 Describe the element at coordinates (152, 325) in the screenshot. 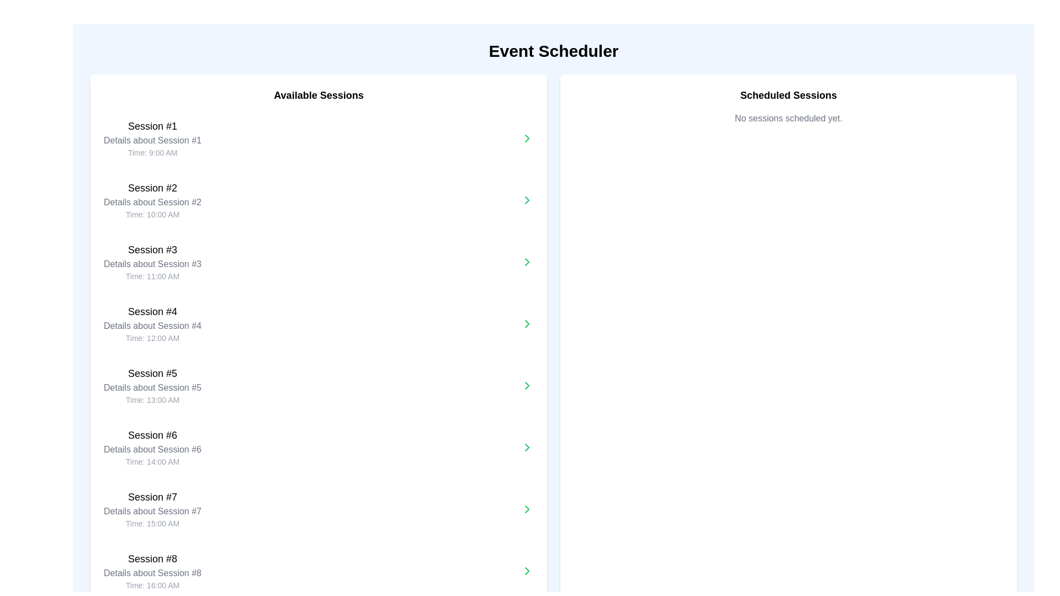

I see `the text label that reads 'Details about Session #4', which is styled in gray font and positioned between the header 'Session #4' and the time text 'Time: 12:00 AM'` at that location.